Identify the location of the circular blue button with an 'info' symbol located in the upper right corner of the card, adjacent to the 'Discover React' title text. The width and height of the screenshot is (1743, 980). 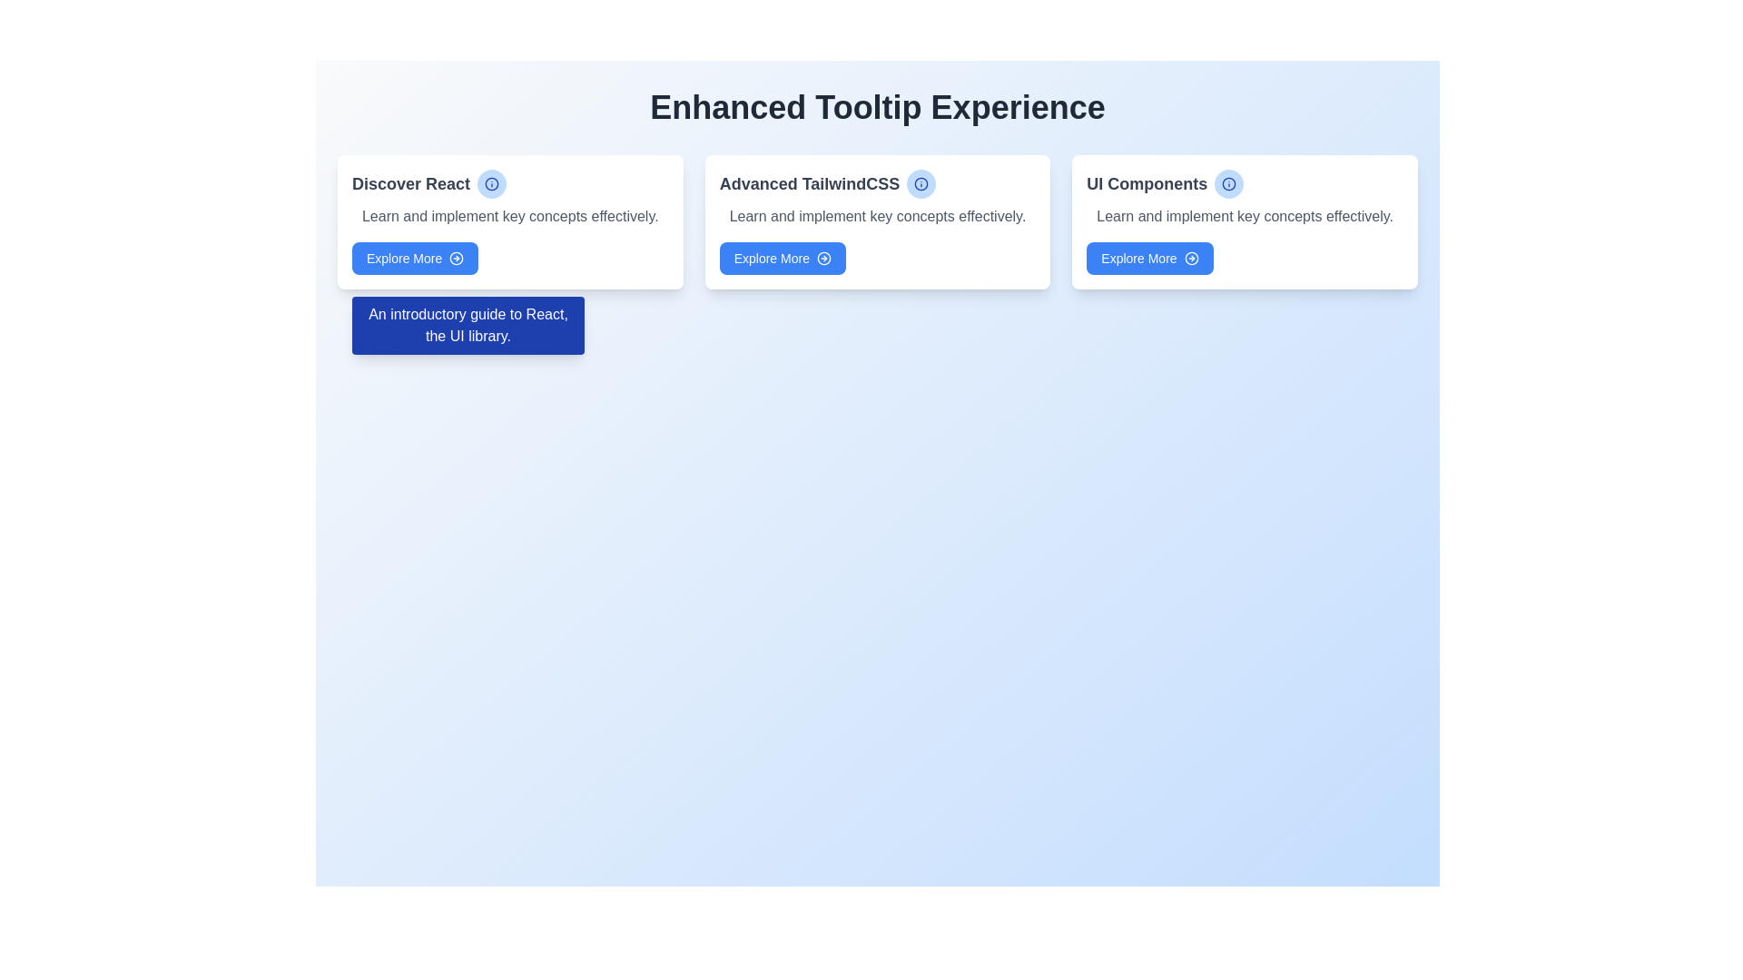
(492, 184).